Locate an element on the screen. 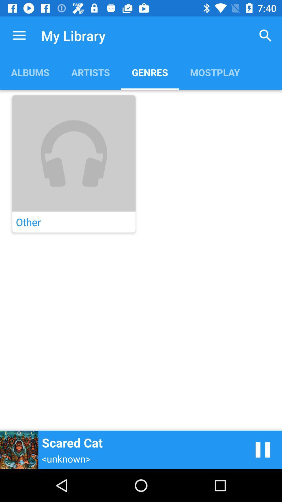 The image size is (282, 502). icon to the right of the genres icon is located at coordinates (266, 35).